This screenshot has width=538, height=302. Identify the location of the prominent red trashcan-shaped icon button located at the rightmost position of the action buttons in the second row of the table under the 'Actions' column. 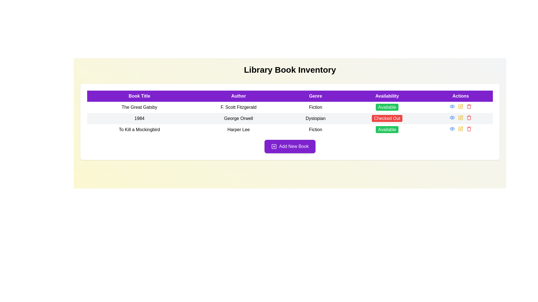
(469, 117).